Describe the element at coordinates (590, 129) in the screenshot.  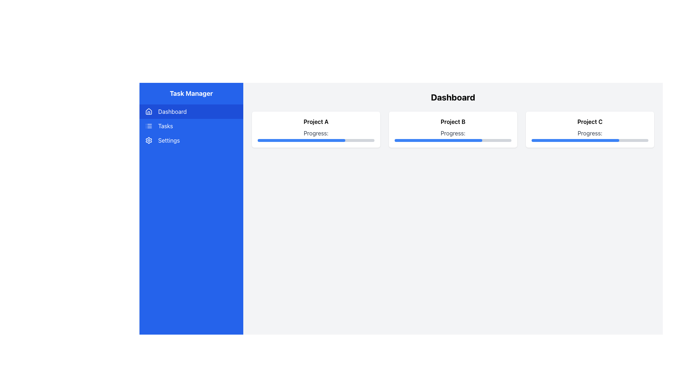
I see `the third card titled 'Project C'` at that location.